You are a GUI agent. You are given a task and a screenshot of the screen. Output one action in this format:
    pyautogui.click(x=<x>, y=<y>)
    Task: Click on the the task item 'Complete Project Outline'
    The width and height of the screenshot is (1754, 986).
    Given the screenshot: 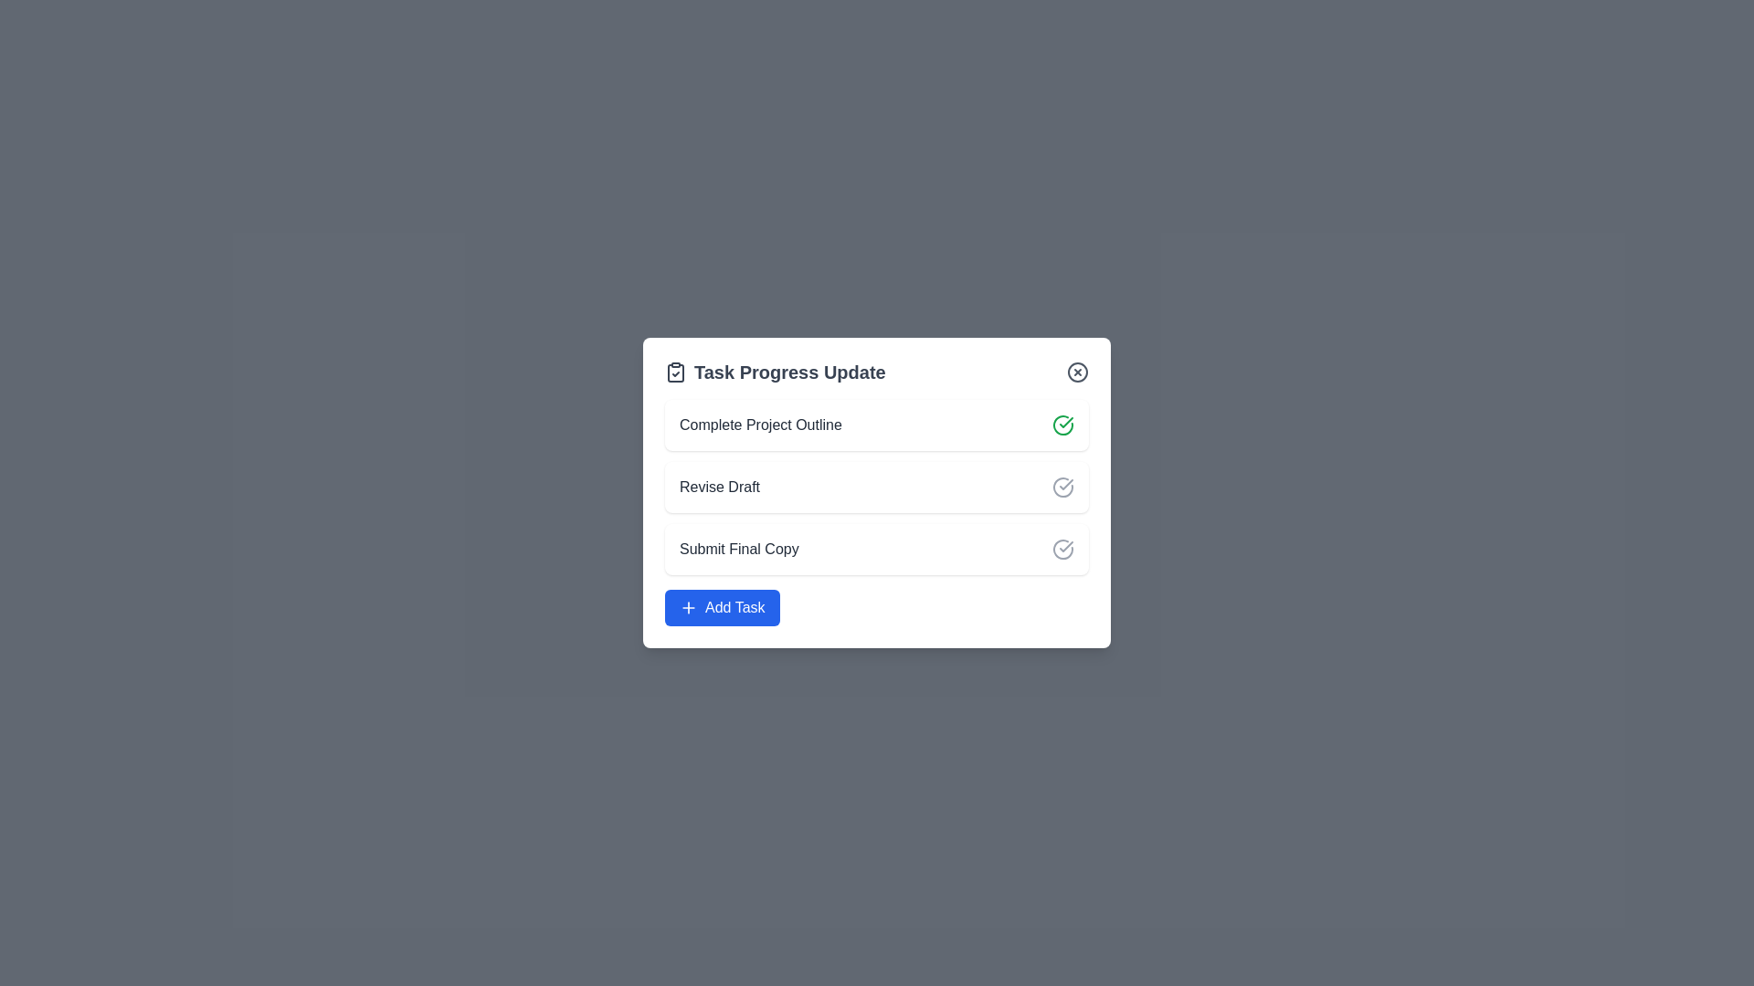 What is the action you would take?
    pyautogui.click(x=877, y=425)
    